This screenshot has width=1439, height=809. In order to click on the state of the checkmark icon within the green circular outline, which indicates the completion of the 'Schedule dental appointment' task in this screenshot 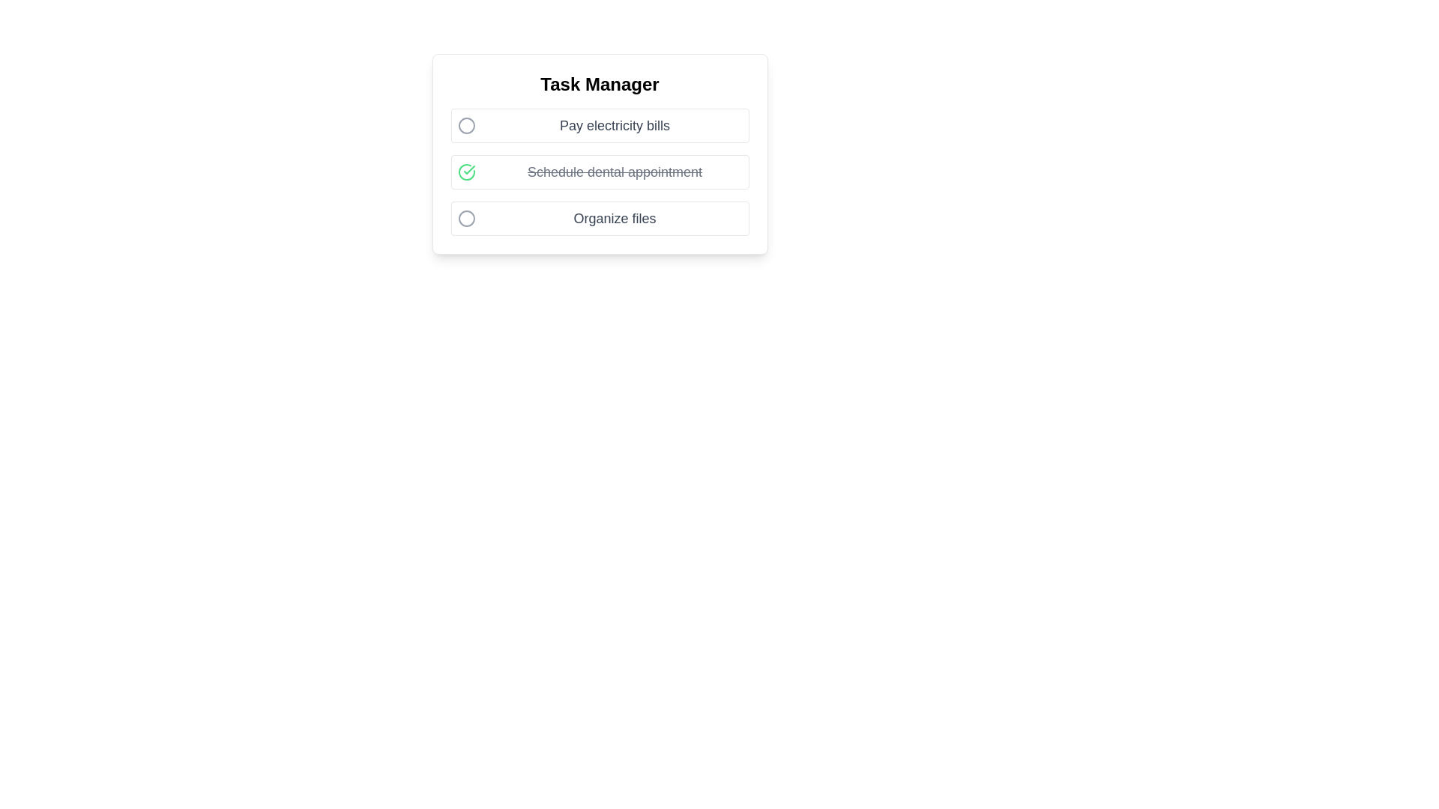, I will do `click(468, 169)`.